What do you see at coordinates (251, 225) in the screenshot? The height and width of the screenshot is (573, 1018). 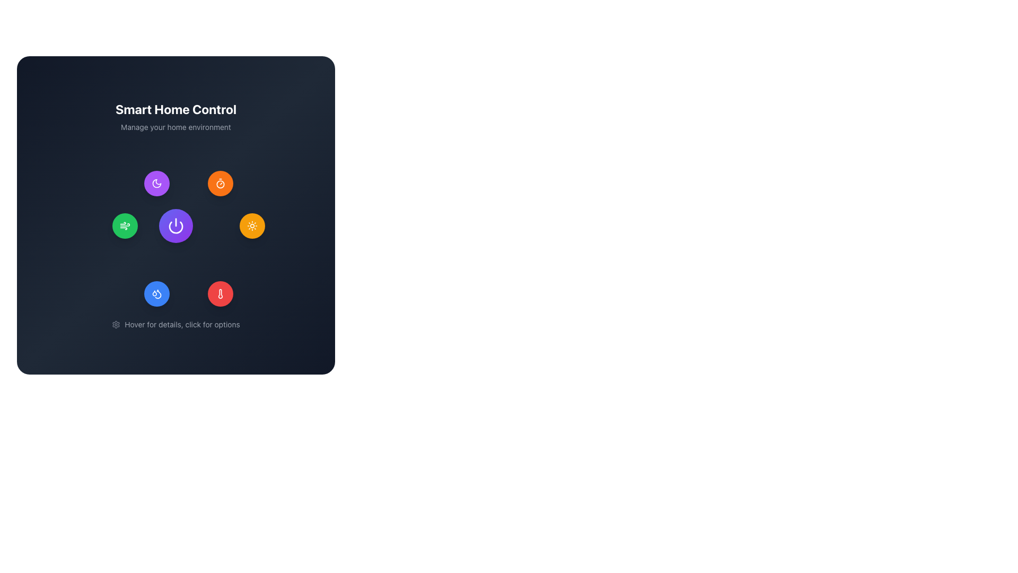 I see `the circular amber button with a white sun icon` at bounding box center [251, 225].